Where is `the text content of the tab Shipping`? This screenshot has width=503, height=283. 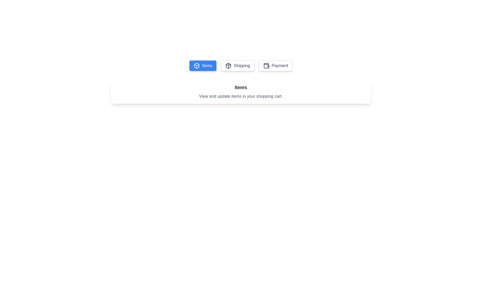
the text content of the tab Shipping is located at coordinates (237, 65).